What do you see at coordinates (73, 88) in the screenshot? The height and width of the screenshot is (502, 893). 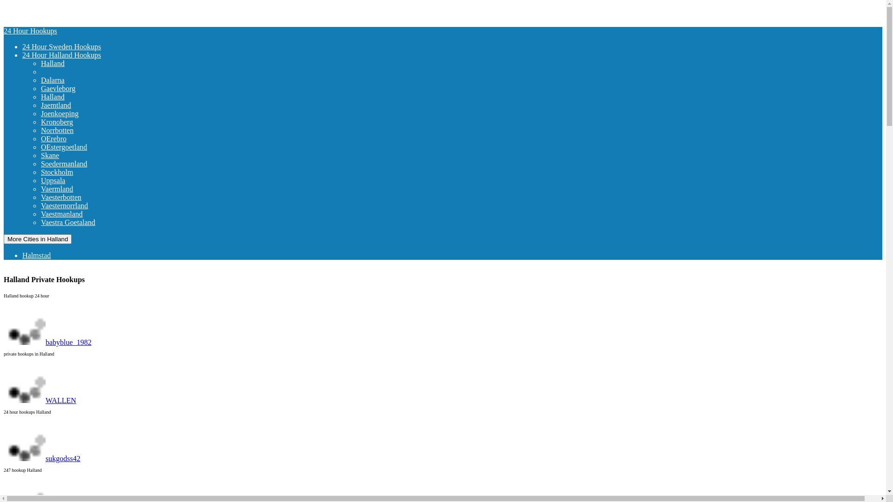 I see `'Gaevleborg'` at bounding box center [73, 88].